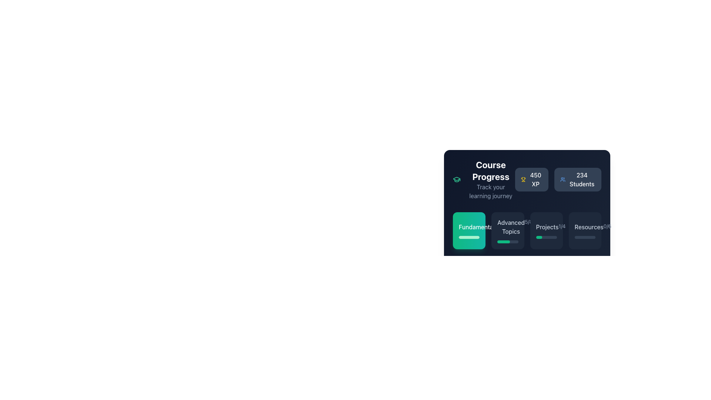 The image size is (711, 400). What do you see at coordinates (523, 180) in the screenshot?
I see `the achievement points icon located to the left of the '450 XP' text in the top-right corner of the UI segment under the 'Course Progress' heading` at bounding box center [523, 180].